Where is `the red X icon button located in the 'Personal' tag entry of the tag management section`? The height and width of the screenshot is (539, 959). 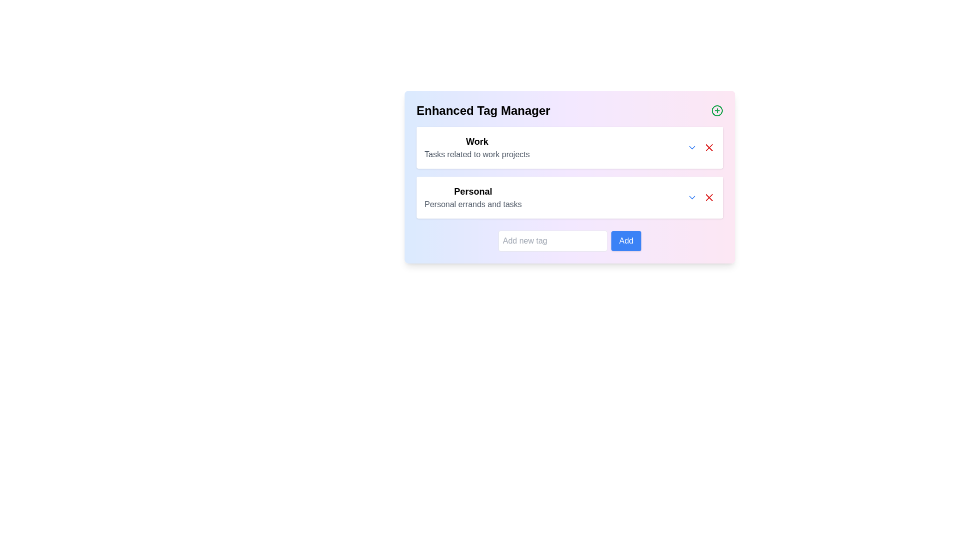 the red X icon button located in the 'Personal' tag entry of the tag management section is located at coordinates (709, 198).